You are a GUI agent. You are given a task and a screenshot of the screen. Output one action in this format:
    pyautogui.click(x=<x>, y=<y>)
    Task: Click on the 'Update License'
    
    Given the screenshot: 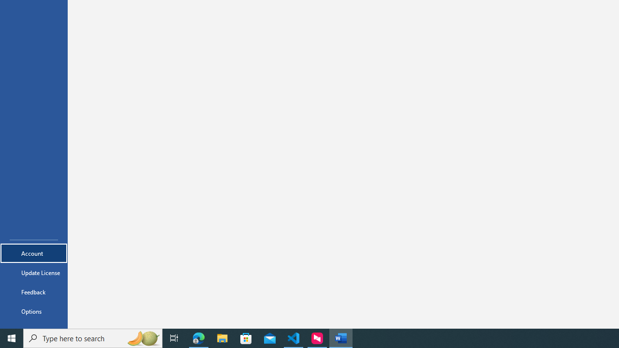 What is the action you would take?
    pyautogui.click(x=33, y=273)
    